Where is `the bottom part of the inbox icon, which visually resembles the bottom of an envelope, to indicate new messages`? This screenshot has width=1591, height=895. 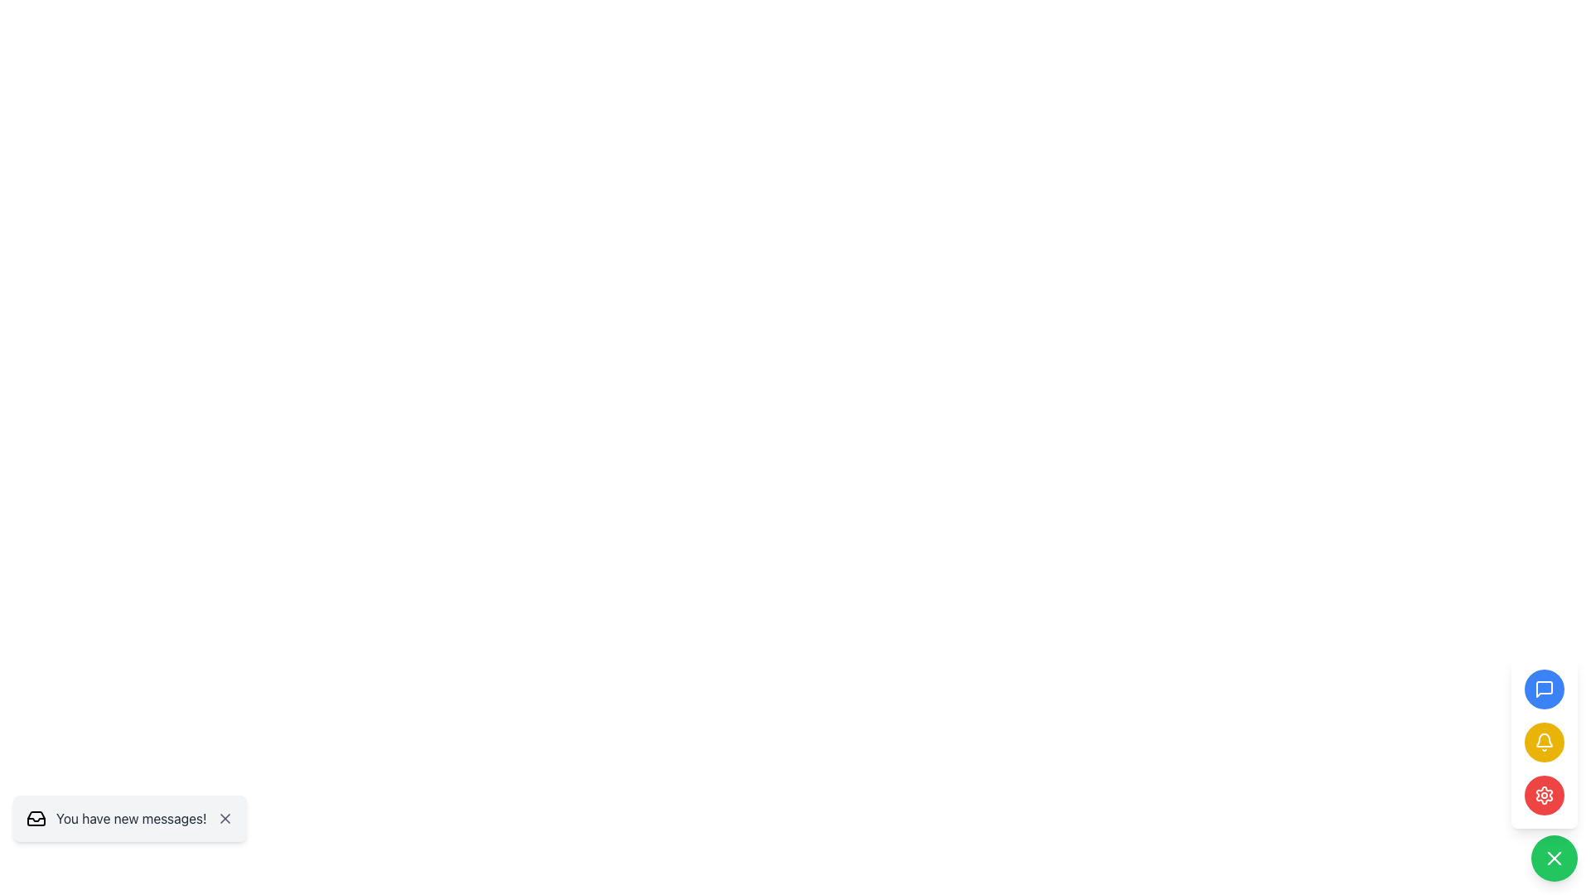
the bottom part of the inbox icon, which visually resembles the bottom of an envelope, to indicate new messages is located at coordinates (36, 819).